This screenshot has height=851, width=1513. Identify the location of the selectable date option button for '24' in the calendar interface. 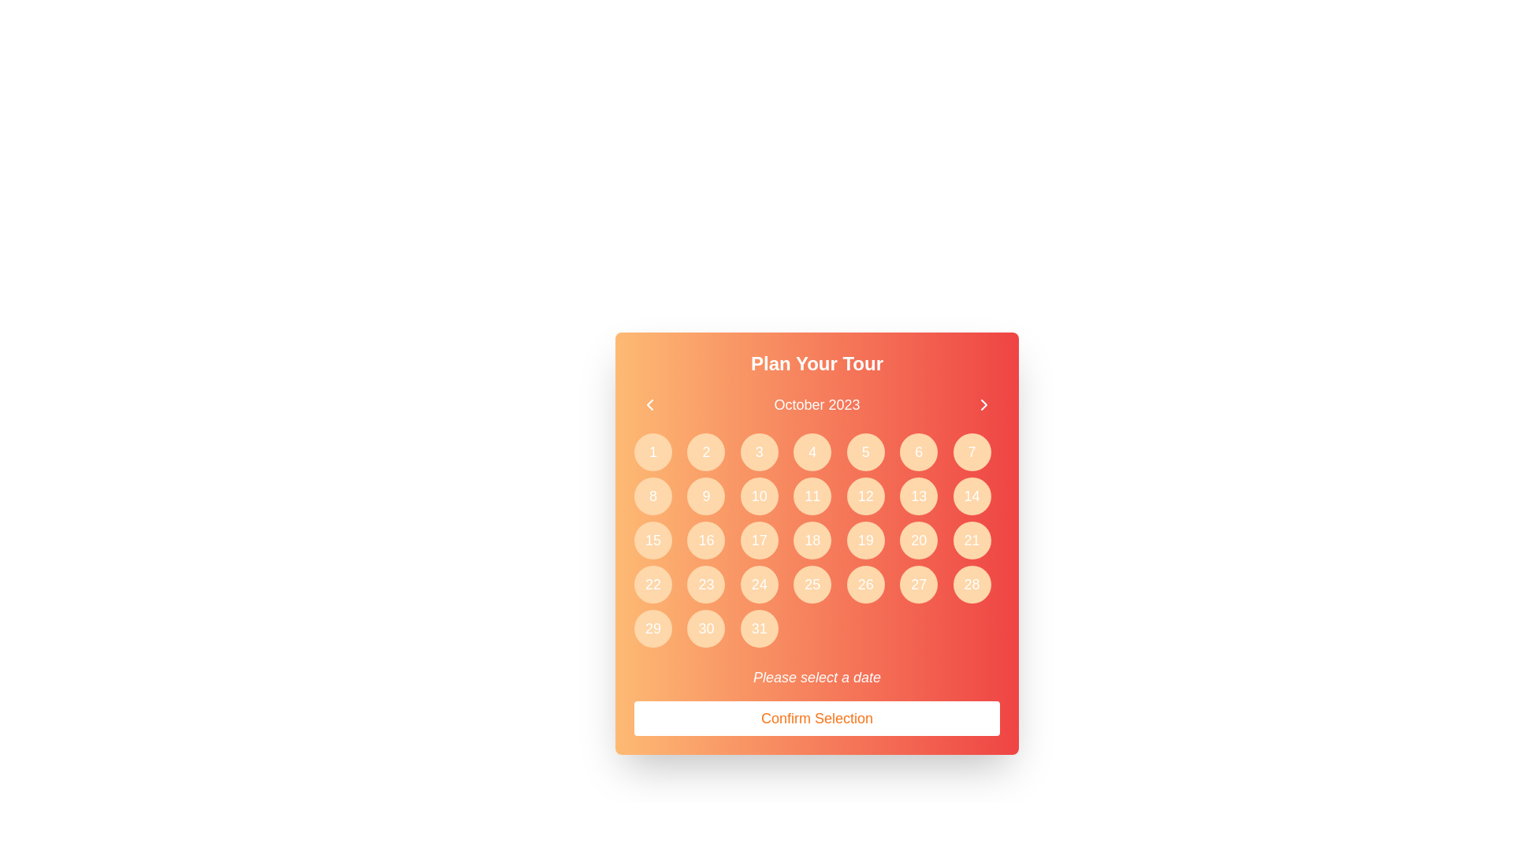
(759, 584).